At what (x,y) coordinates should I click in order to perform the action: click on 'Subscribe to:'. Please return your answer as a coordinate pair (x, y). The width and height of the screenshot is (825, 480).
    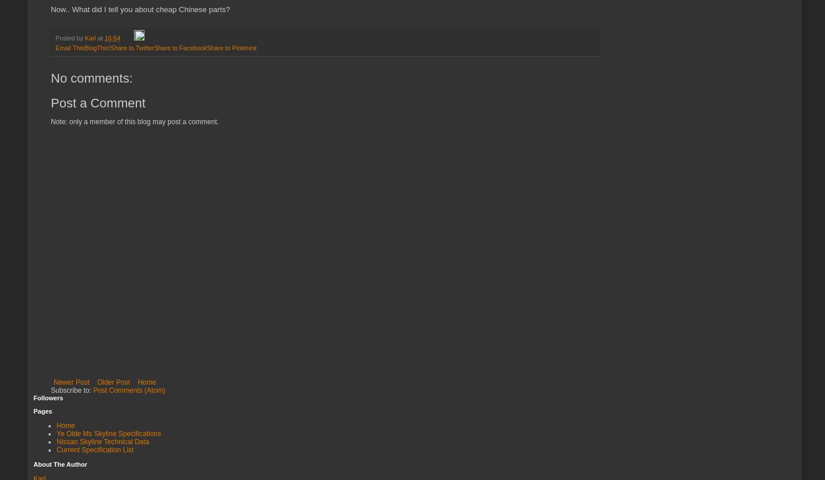
    Looking at the image, I should click on (72, 390).